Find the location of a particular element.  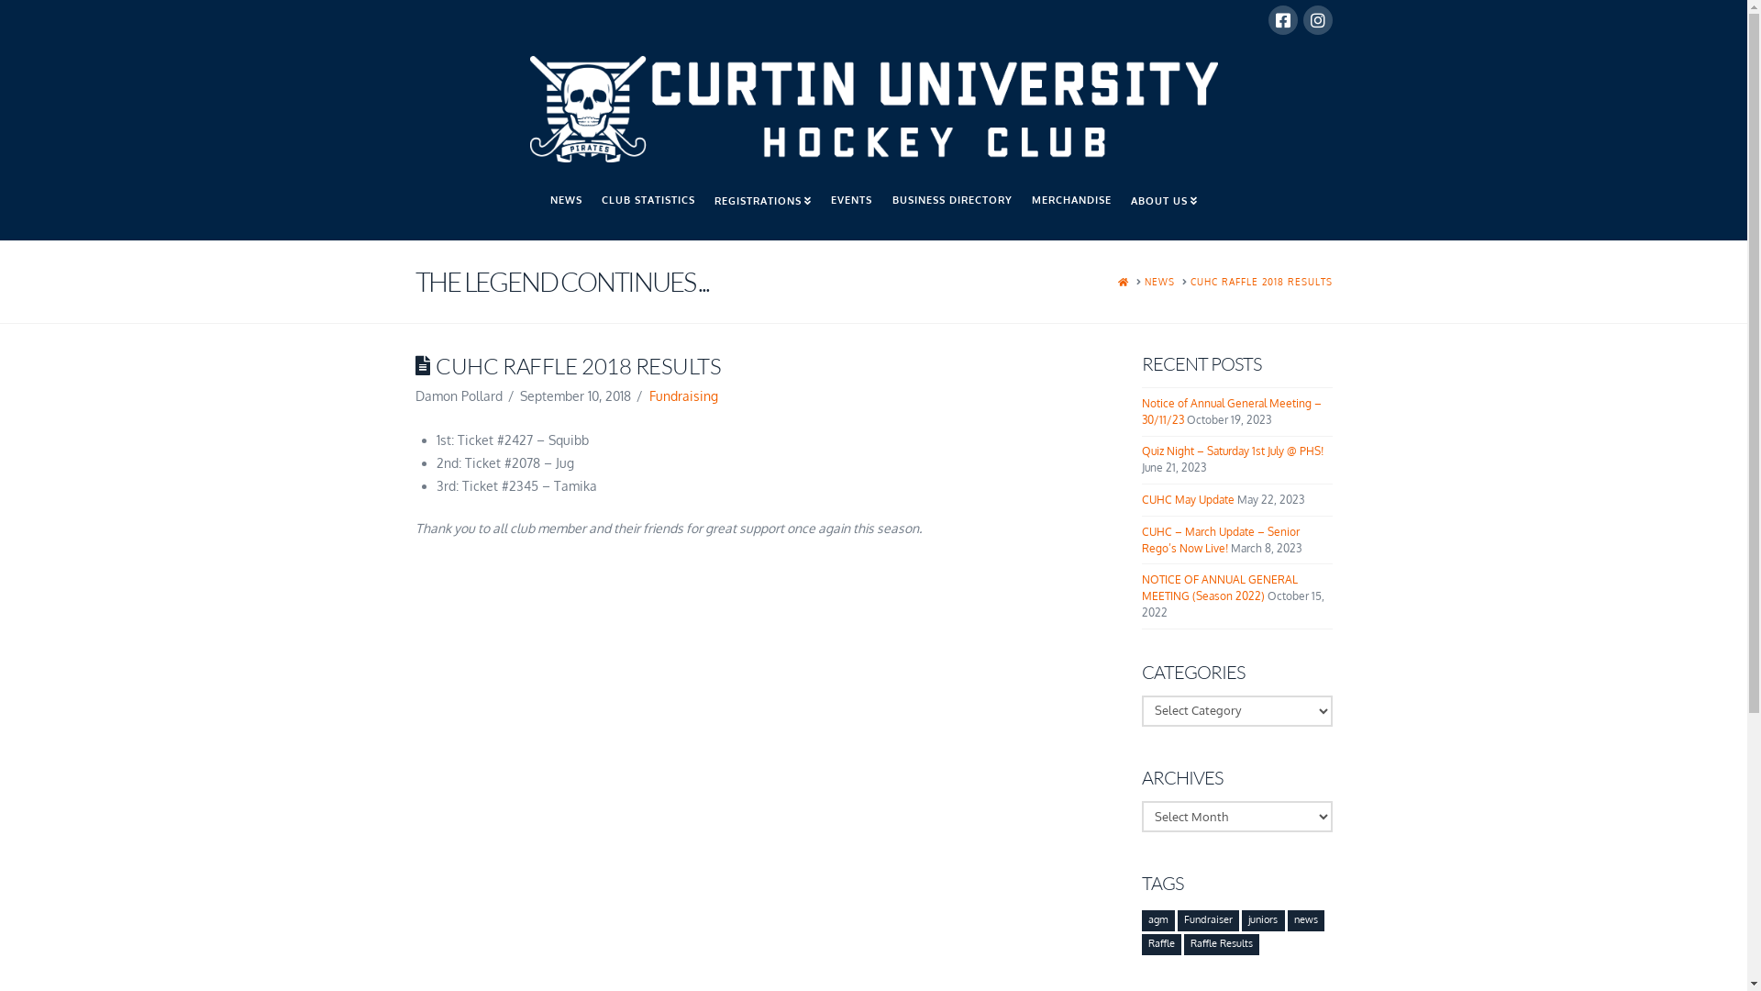

'CLUB STATISTICS' is located at coordinates (648, 207).